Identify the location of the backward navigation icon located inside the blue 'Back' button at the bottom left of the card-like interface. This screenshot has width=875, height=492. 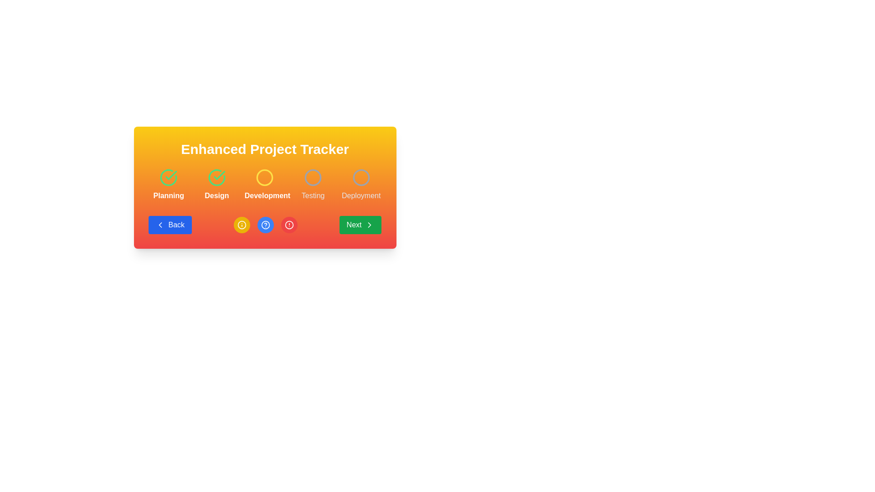
(160, 225).